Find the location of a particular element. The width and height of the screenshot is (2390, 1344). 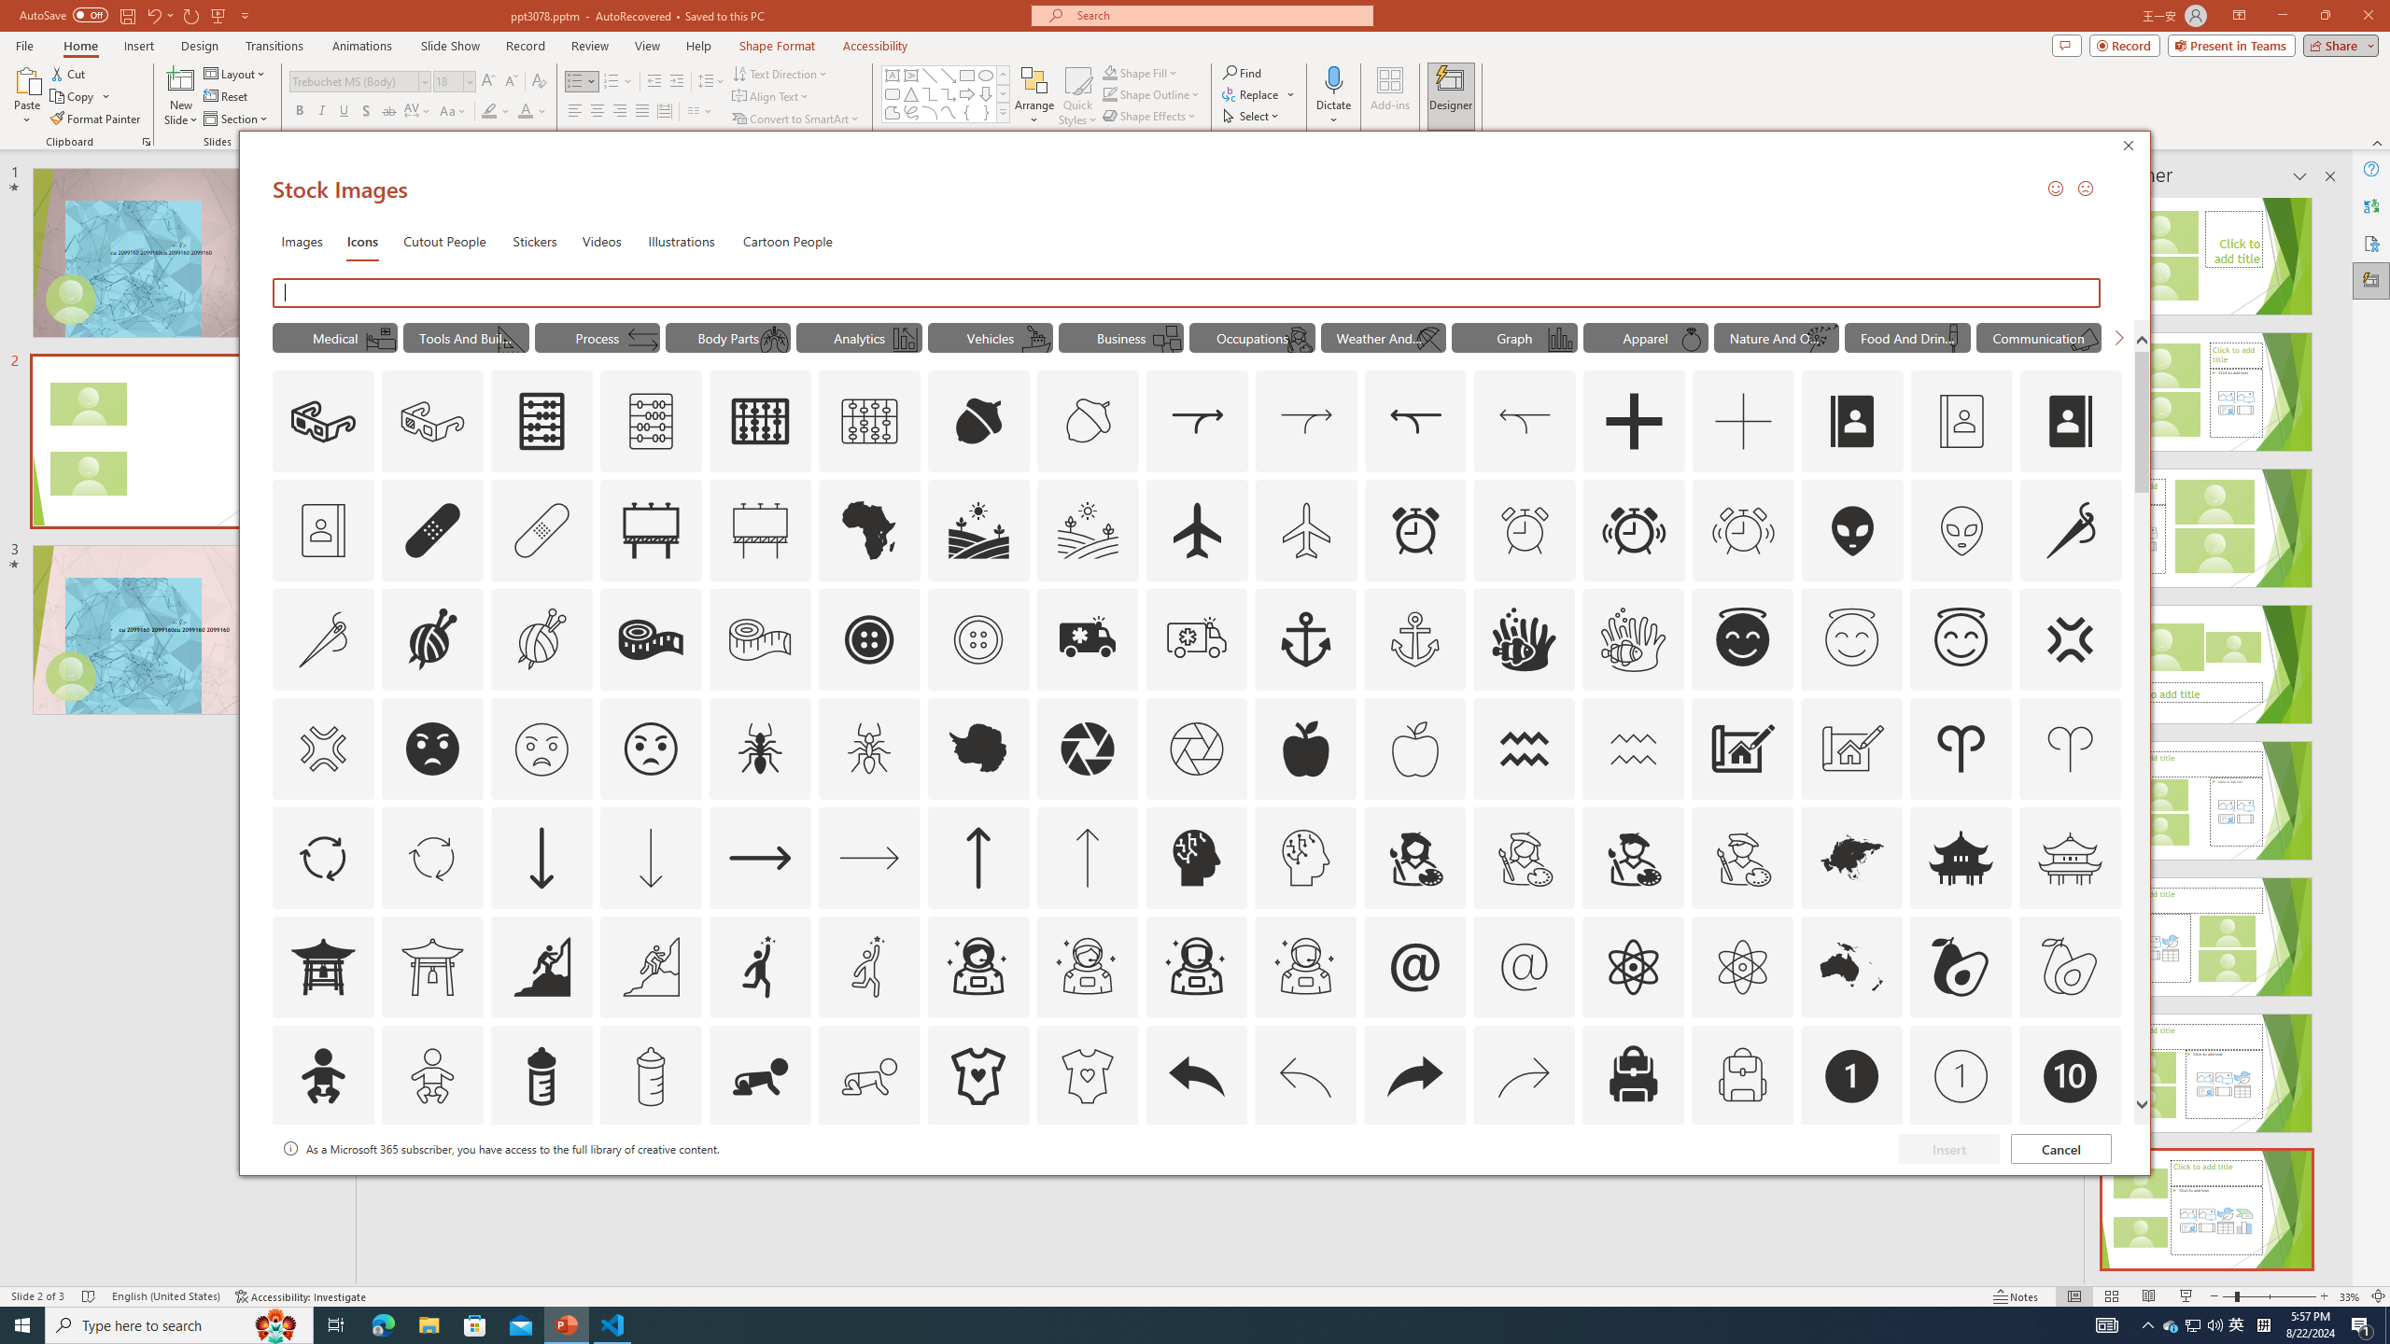

'AutomationID: Icons_ArrowRight_M' is located at coordinates (868, 857).